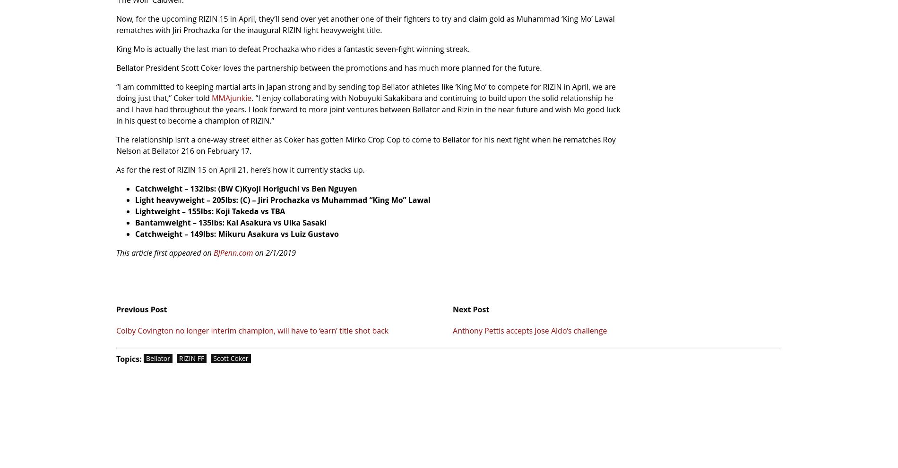 The height and width of the screenshot is (468, 898). Describe the element at coordinates (368, 109) in the screenshot. I see `'. “I enjoy collaborating with Nobuyuki Sakakibara and continuing to build upon the solid relationship he and I have had throughout the years. I look forward to more joint ventures between Bellator and Rizin in the near future and wish Mo good luck in his quest to become a champion of RIZIN.”'` at that location.